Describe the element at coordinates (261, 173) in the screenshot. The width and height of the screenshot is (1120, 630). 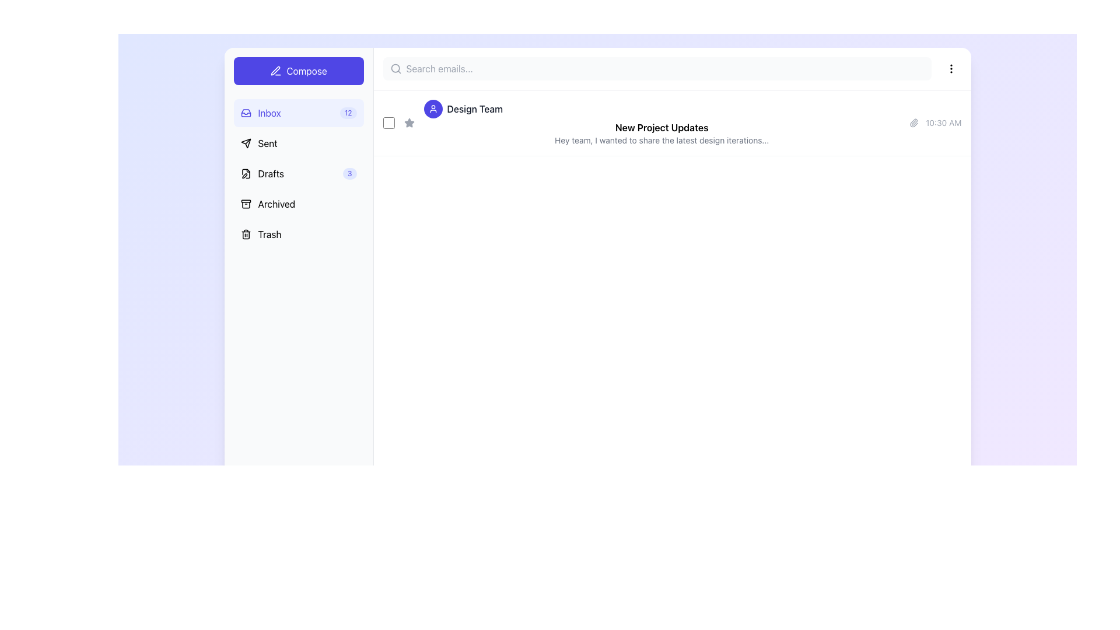
I see `the 'Drafts' navigation menu item located in the left-side navigation panel, positioned directly below 'Sent' and above 'Archived'` at that location.